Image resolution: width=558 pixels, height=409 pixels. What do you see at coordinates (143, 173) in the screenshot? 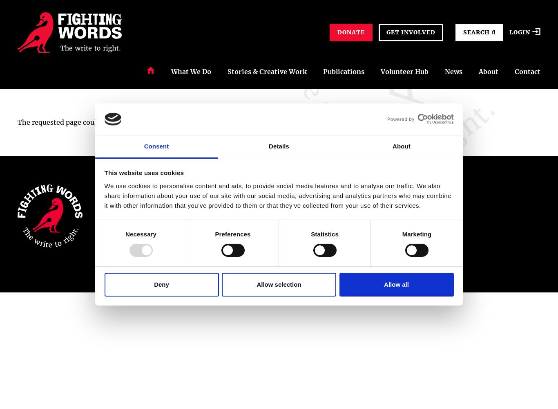
I see `'This website uses cookies'` at bounding box center [143, 173].